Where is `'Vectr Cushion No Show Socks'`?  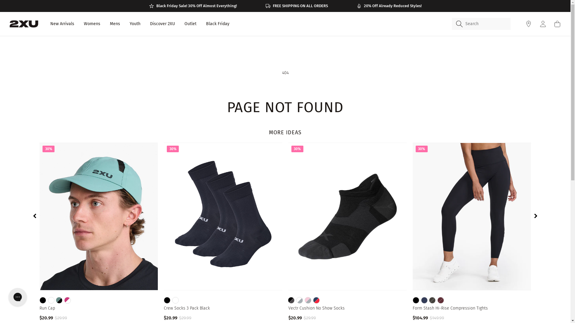 'Vectr Cushion No Show Socks' is located at coordinates (288, 308).